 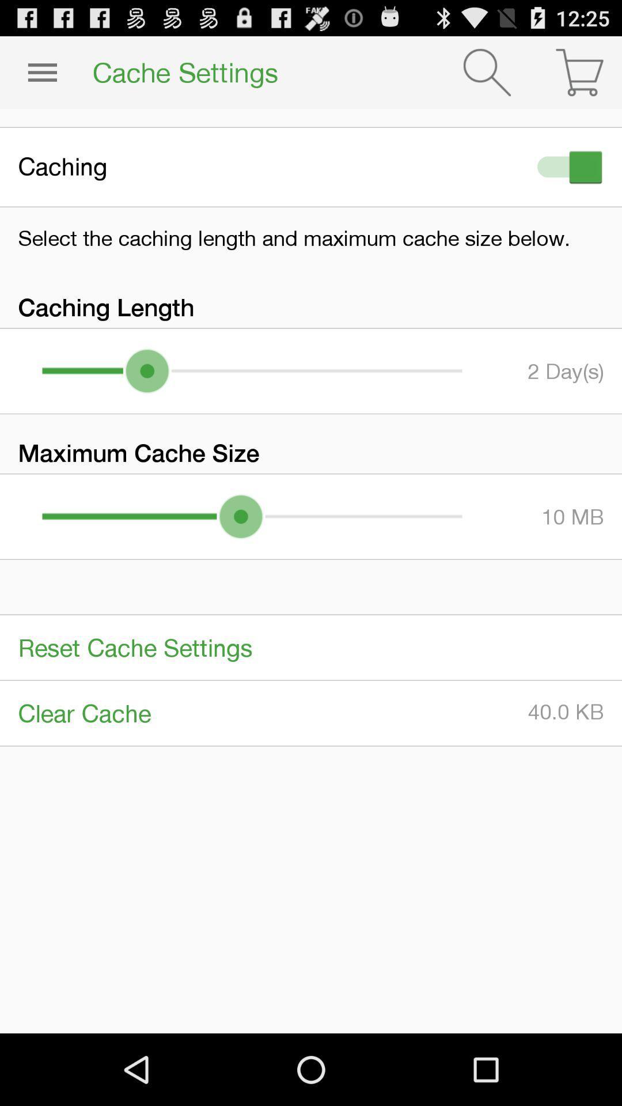 What do you see at coordinates (41, 77) in the screenshot?
I see `the menu icon` at bounding box center [41, 77].